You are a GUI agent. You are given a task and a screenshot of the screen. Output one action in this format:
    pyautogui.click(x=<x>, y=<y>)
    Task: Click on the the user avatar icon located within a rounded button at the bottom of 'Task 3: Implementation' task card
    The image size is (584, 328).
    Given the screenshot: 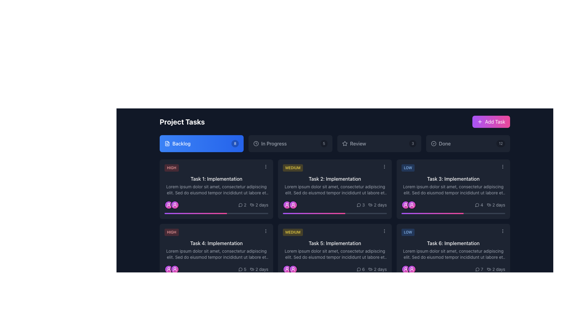 What is the action you would take?
    pyautogui.click(x=405, y=205)
    